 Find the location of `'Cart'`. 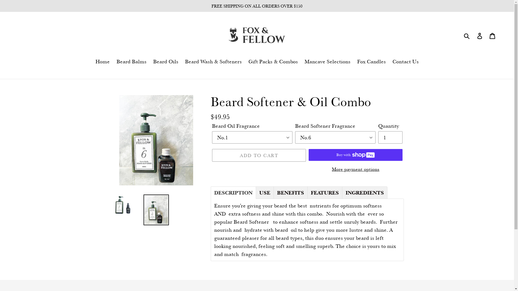

'Cart' is located at coordinates (493, 35).